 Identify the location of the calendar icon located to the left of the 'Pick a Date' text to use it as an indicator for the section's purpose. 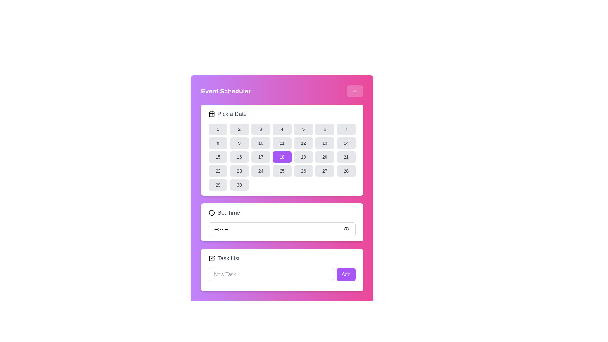
(212, 113).